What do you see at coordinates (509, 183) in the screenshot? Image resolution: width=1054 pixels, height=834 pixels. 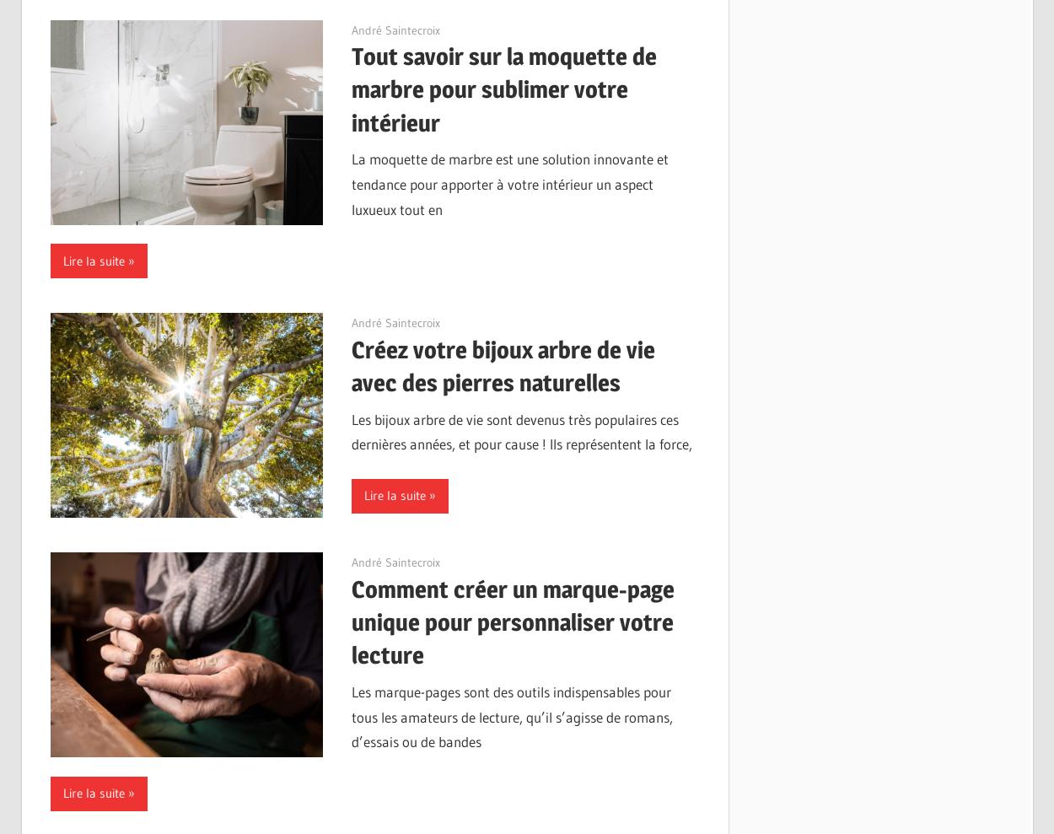 I see `'La moquette de marbre est une solution innovante et tendance pour apporter à votre intérieur un aspect luxueux tout en'` at bounding box center [509, 183].